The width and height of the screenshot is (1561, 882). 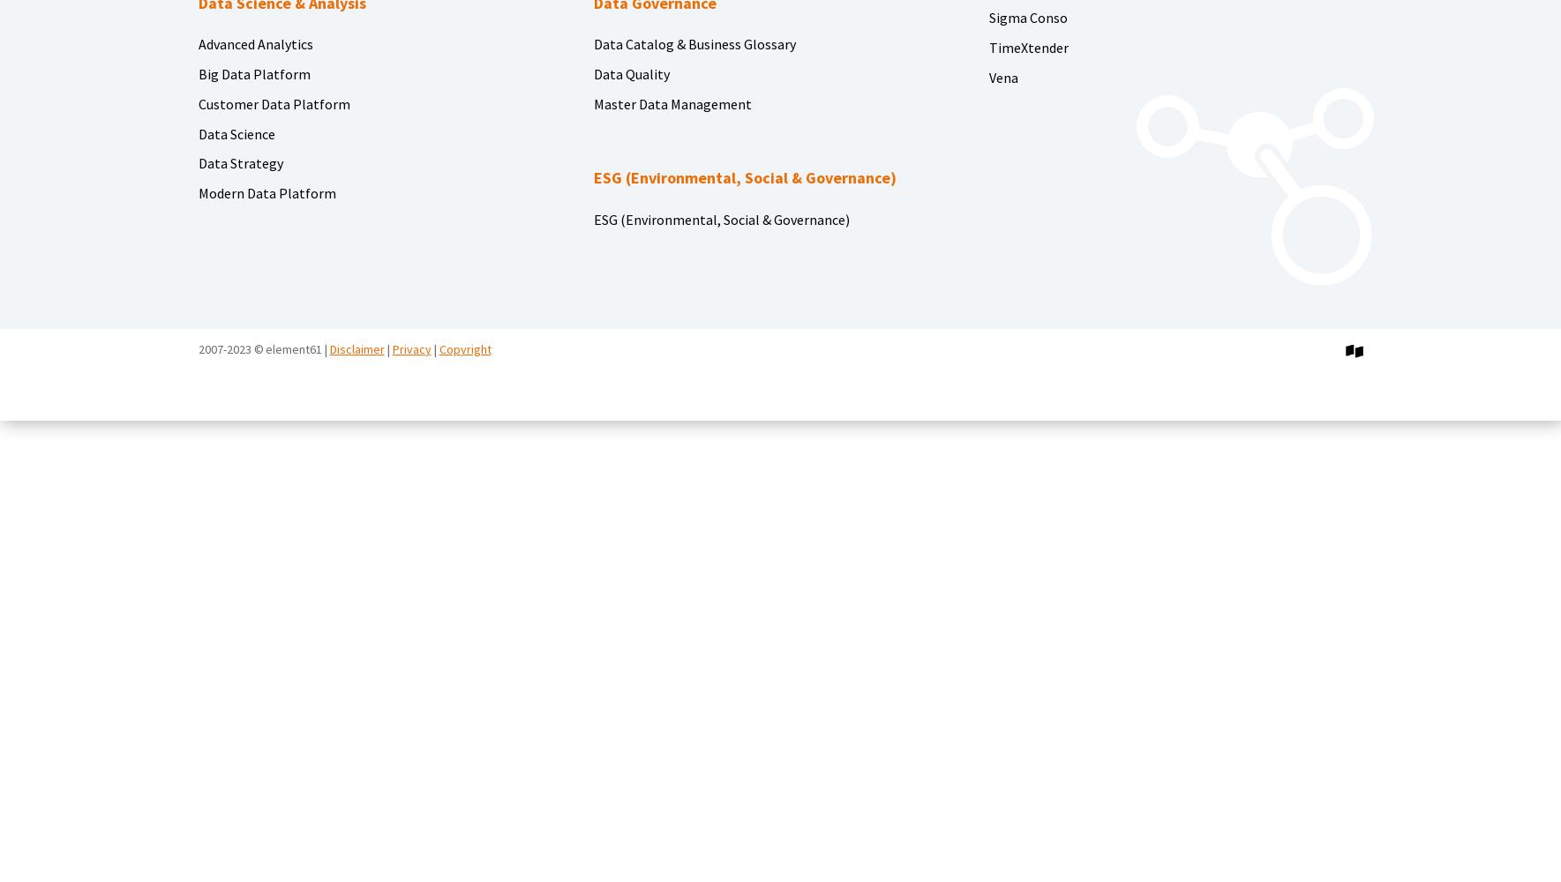 What do you see at coordinates (273, 102) in the screenshot?
I see `'Customer Data Platform'` at bounding box center [273, 102].